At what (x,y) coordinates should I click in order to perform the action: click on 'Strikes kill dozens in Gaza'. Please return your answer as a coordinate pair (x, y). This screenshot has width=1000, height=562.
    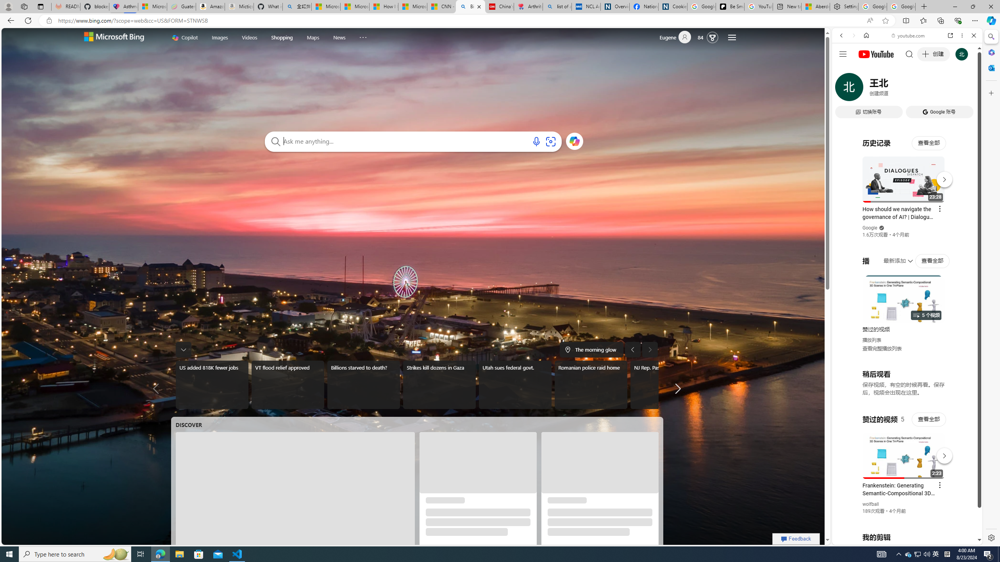
    Looking at the image, I should click on (439, 384).